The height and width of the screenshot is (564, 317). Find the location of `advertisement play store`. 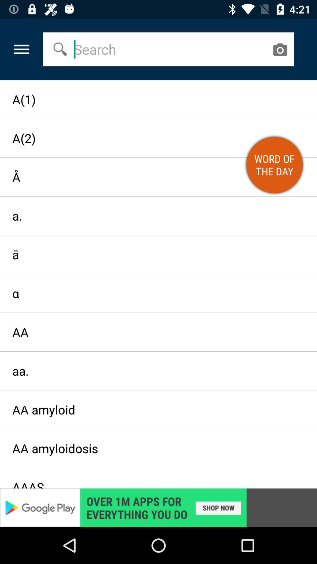

advertisement play store is located at coordinates (158, 507).